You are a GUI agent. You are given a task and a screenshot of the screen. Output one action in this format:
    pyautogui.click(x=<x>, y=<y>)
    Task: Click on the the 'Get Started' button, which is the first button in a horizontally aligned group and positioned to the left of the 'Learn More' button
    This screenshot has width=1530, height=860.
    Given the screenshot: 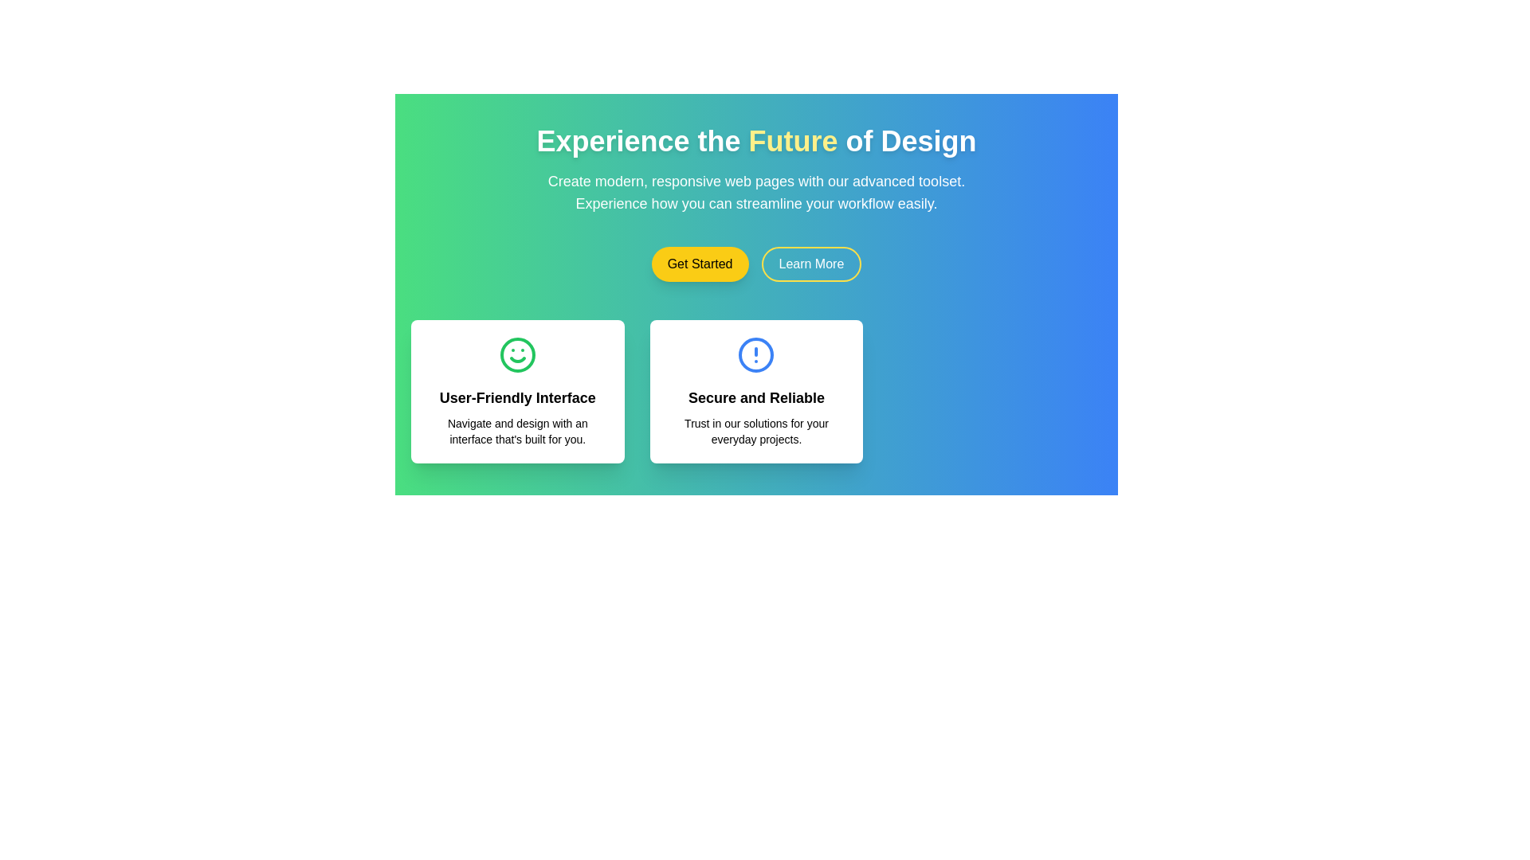 What is the action you would take?
    pyautogui.click(x=700, y=263)
    